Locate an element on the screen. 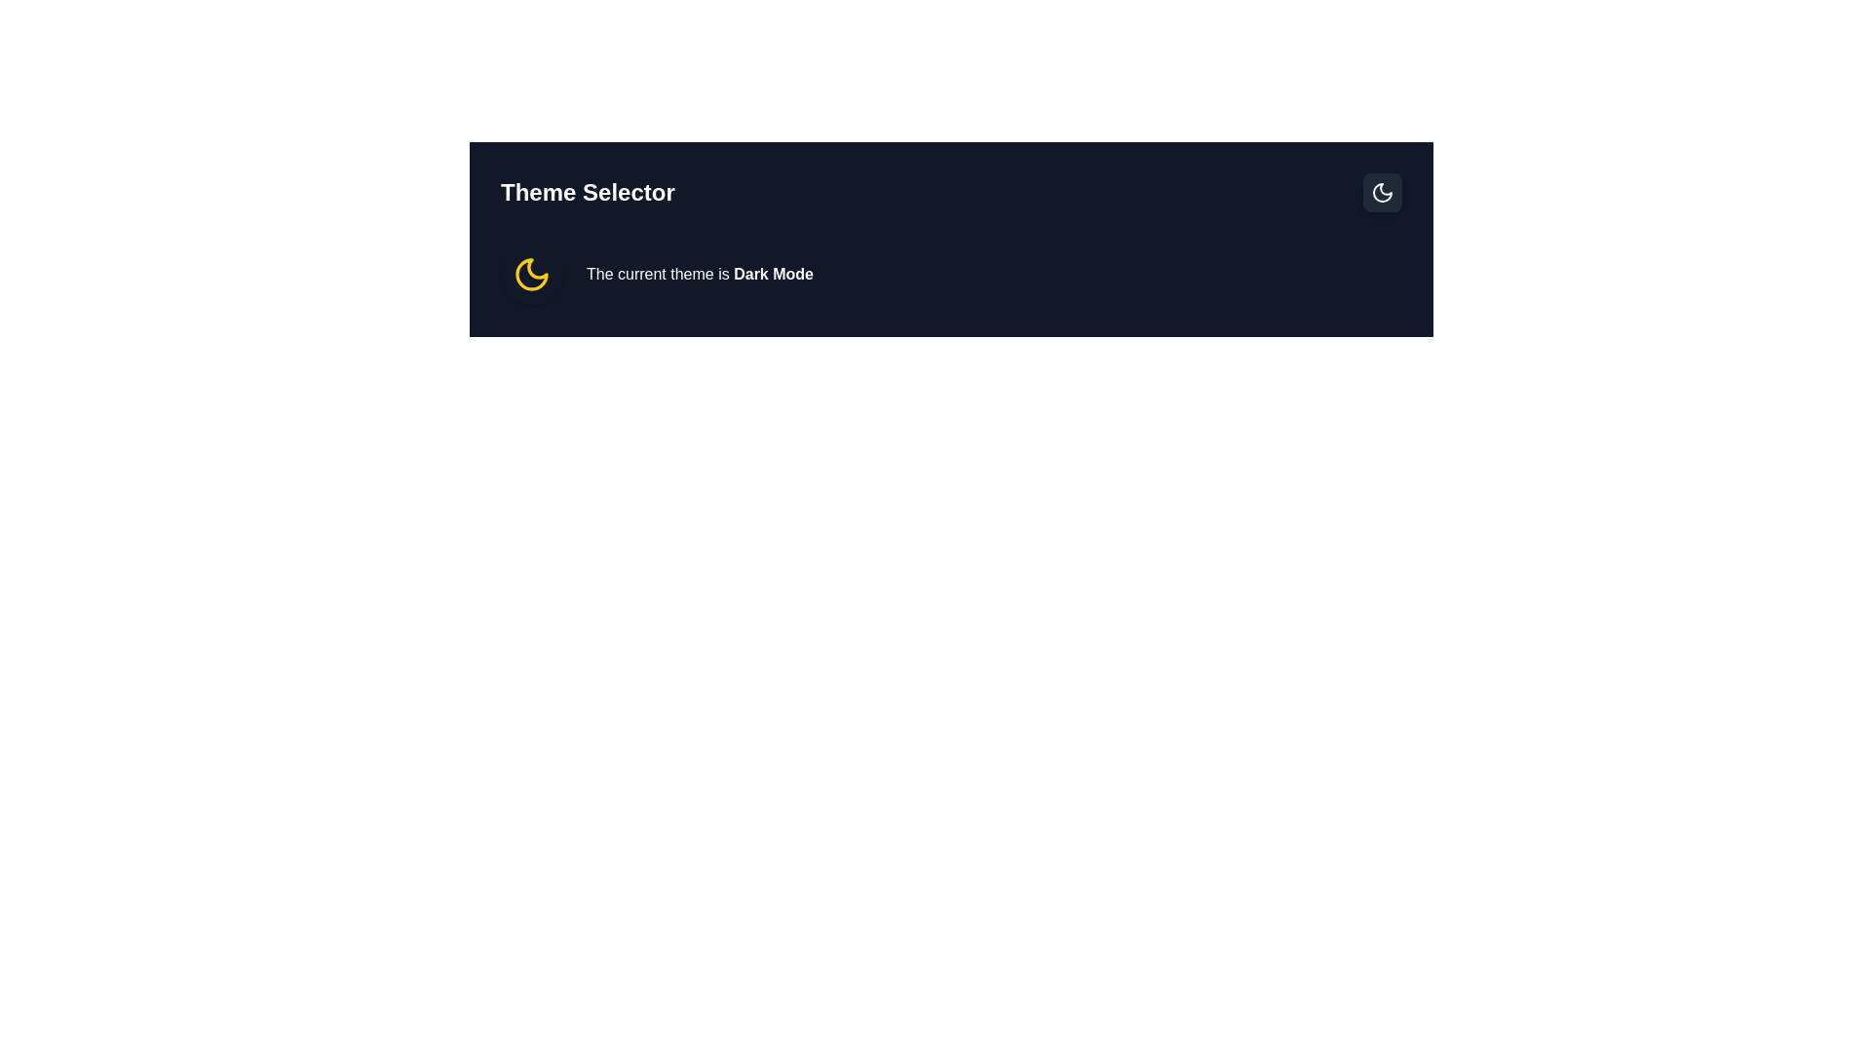 The width and height of the screenshot is (1871, 1052). the crescent moon vector graphic icon located in the top-left corner of the interface, adjacent to the text indicating the current theme, which reads 'The current theme is Dark Mode' is located at coordinates (1382, 192).